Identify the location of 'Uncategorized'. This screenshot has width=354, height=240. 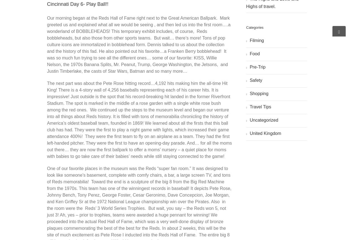
(263, 120).